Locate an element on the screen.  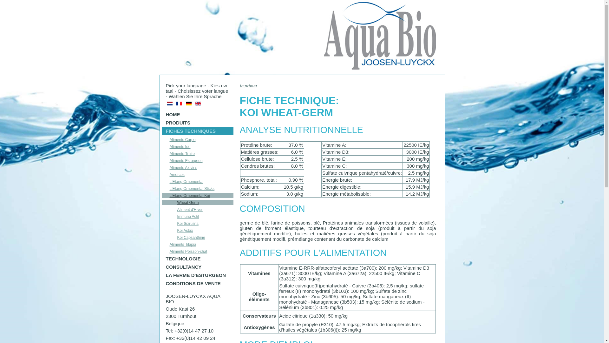
'Aliment d'Hiver' is located at coordinates (161, 209).